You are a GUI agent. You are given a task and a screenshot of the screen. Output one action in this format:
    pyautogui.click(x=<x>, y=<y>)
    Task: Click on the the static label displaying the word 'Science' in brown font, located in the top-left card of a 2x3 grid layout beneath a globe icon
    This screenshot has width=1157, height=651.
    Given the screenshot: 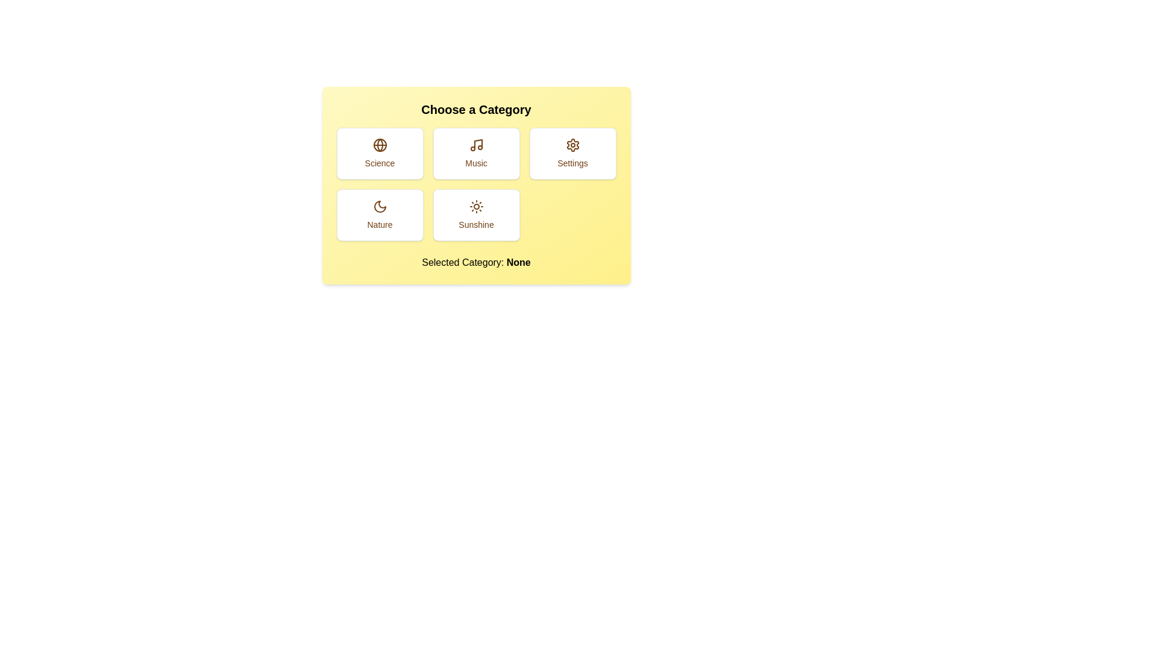 What is the action you would take?
    pyautogui.click(x=379, y=163)
    